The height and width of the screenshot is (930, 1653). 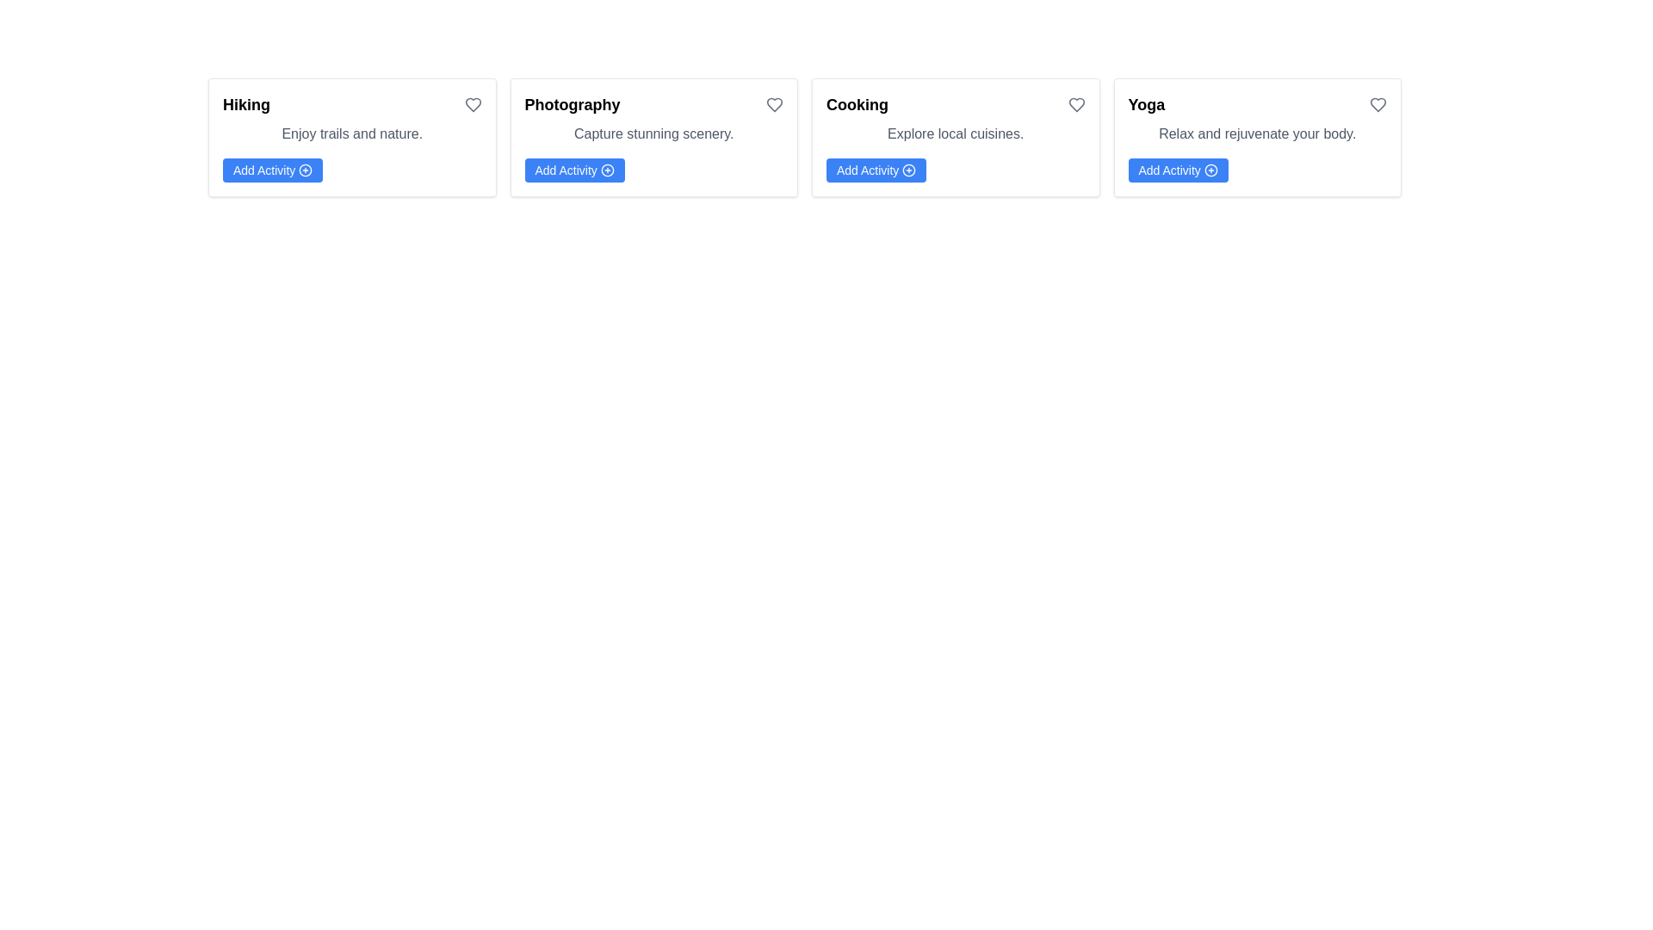 What do you see at coordinates (955, 133) in the screenshot?
I see `the text label that reads 'Explore local cuisines.' positioned beneath the title 'Cooking' in the Cooking activity card` at bounding box center [955, 133].